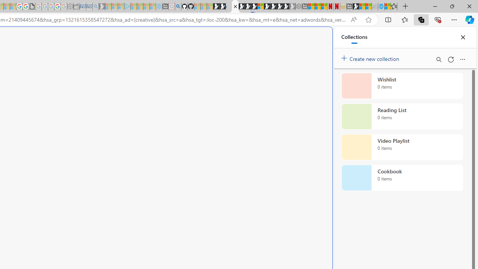  I want to click on 'Cookbook collection, 0 items', so click(402, 177).